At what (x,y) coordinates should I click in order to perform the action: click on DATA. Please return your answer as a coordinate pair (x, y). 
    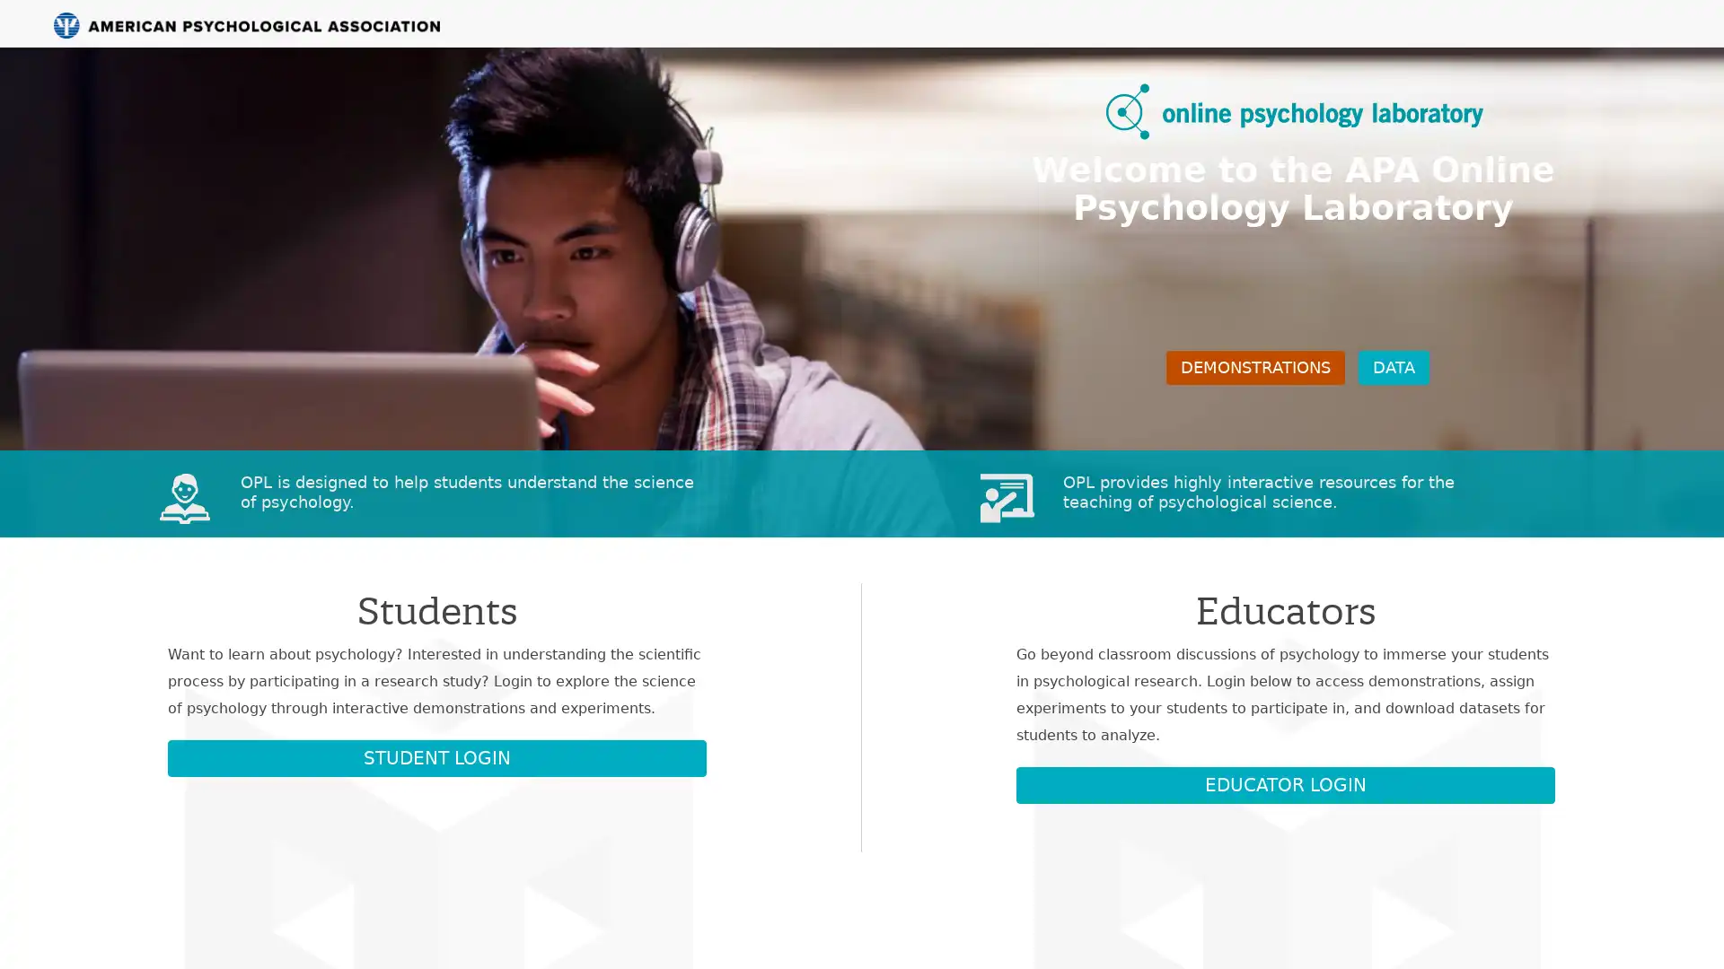
    Looking at the image, I should click on (1392, 366).